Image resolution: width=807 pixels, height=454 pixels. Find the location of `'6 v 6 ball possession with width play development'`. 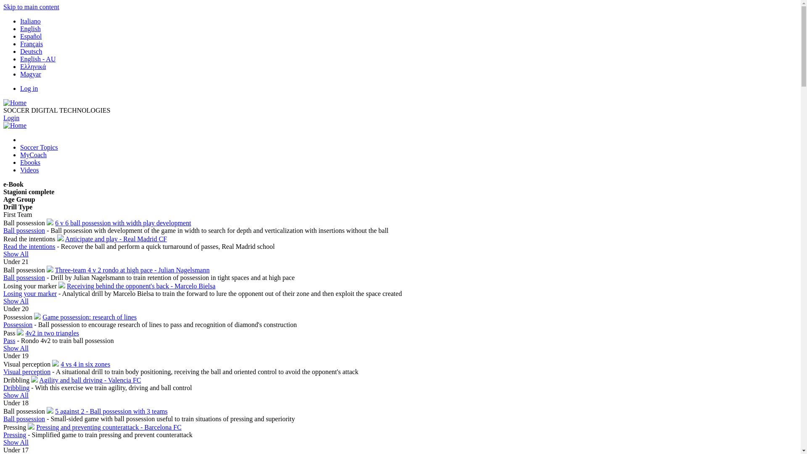

'6 v 6 ball possession with width play development' is located at coordinates (54, 222).